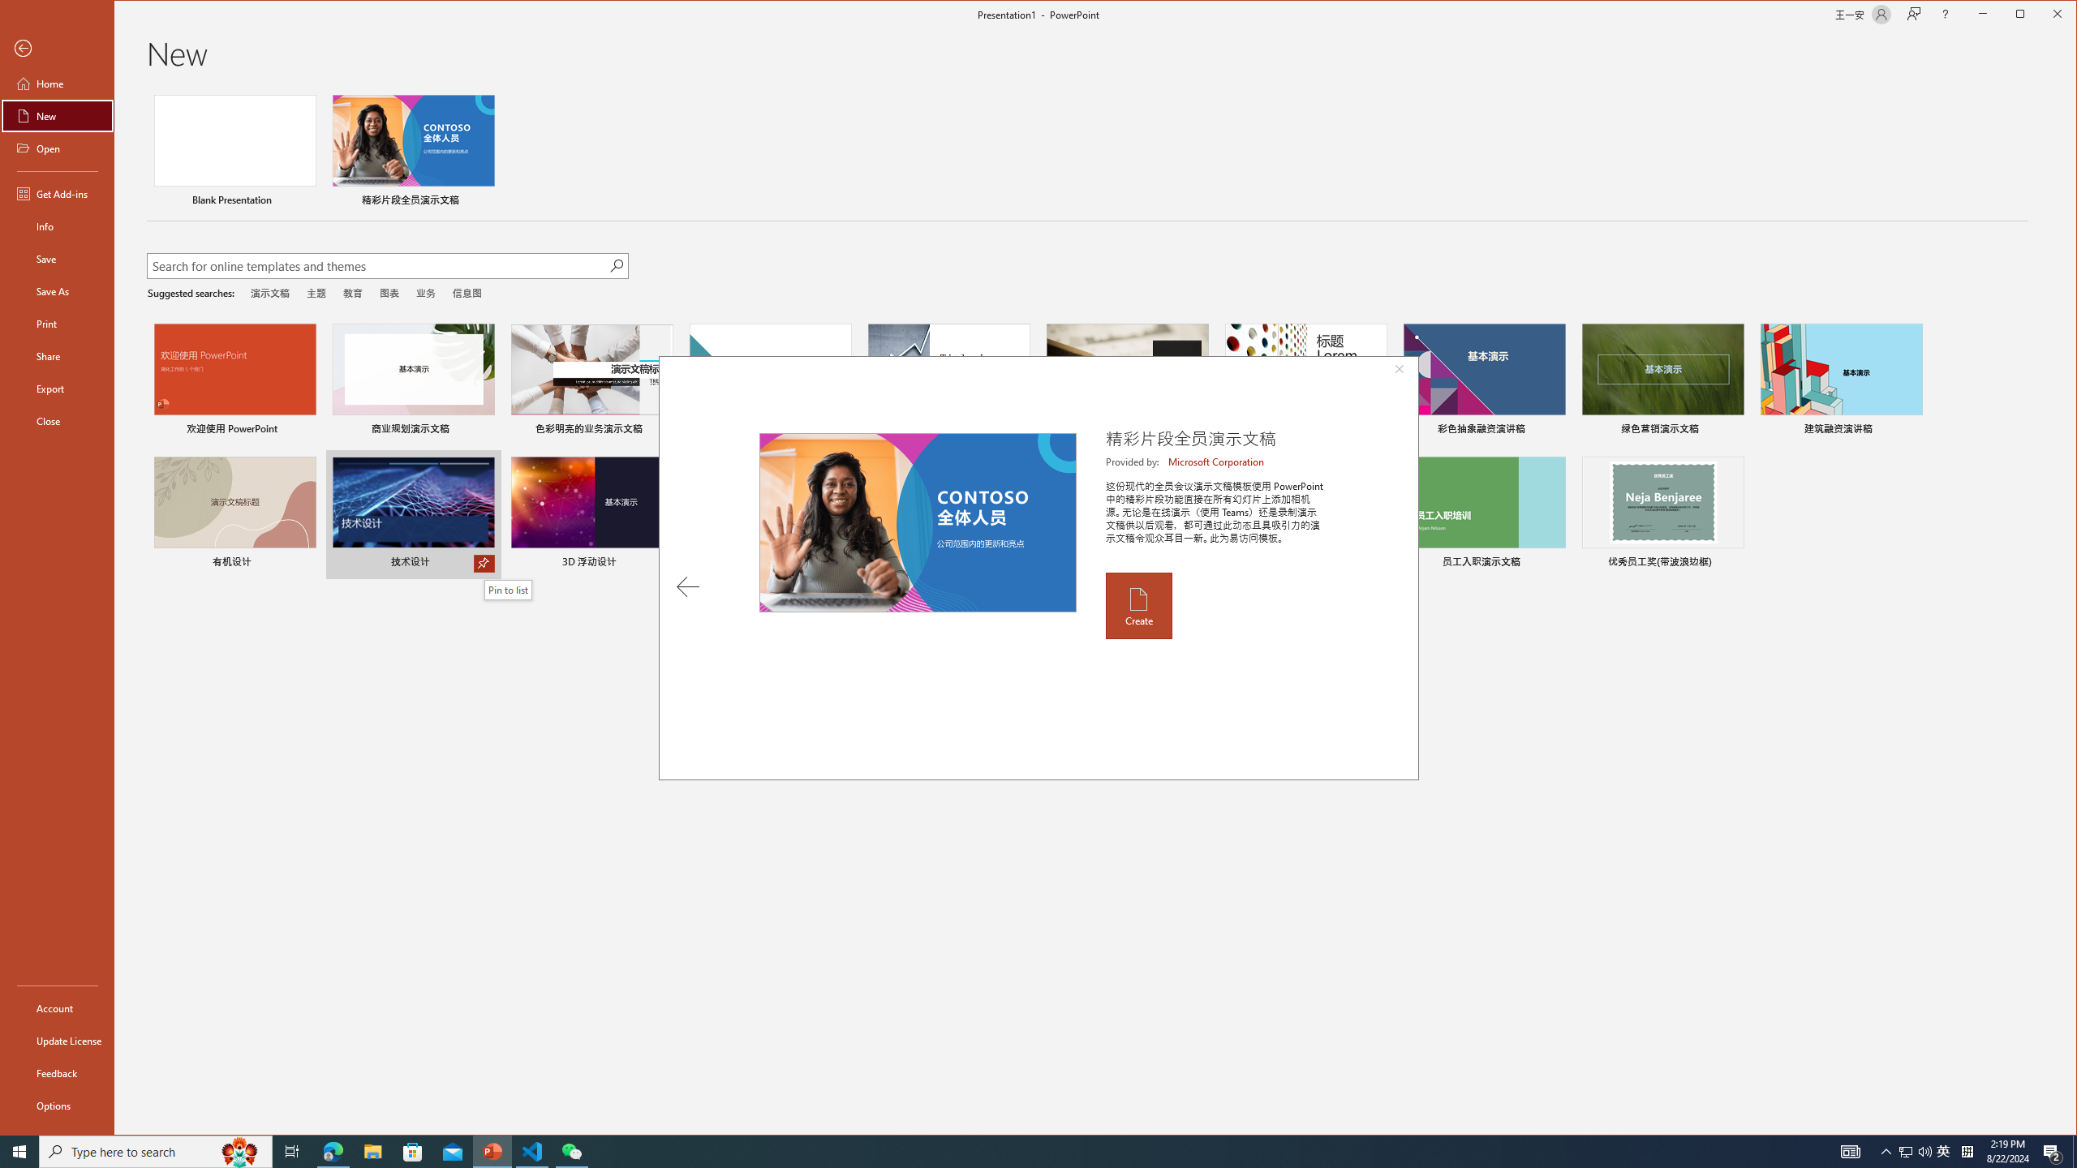 The image size is (2077, 1168). Describe the element at coordinates (56, 388) in the screenshot. I see `'Export'` at that location.